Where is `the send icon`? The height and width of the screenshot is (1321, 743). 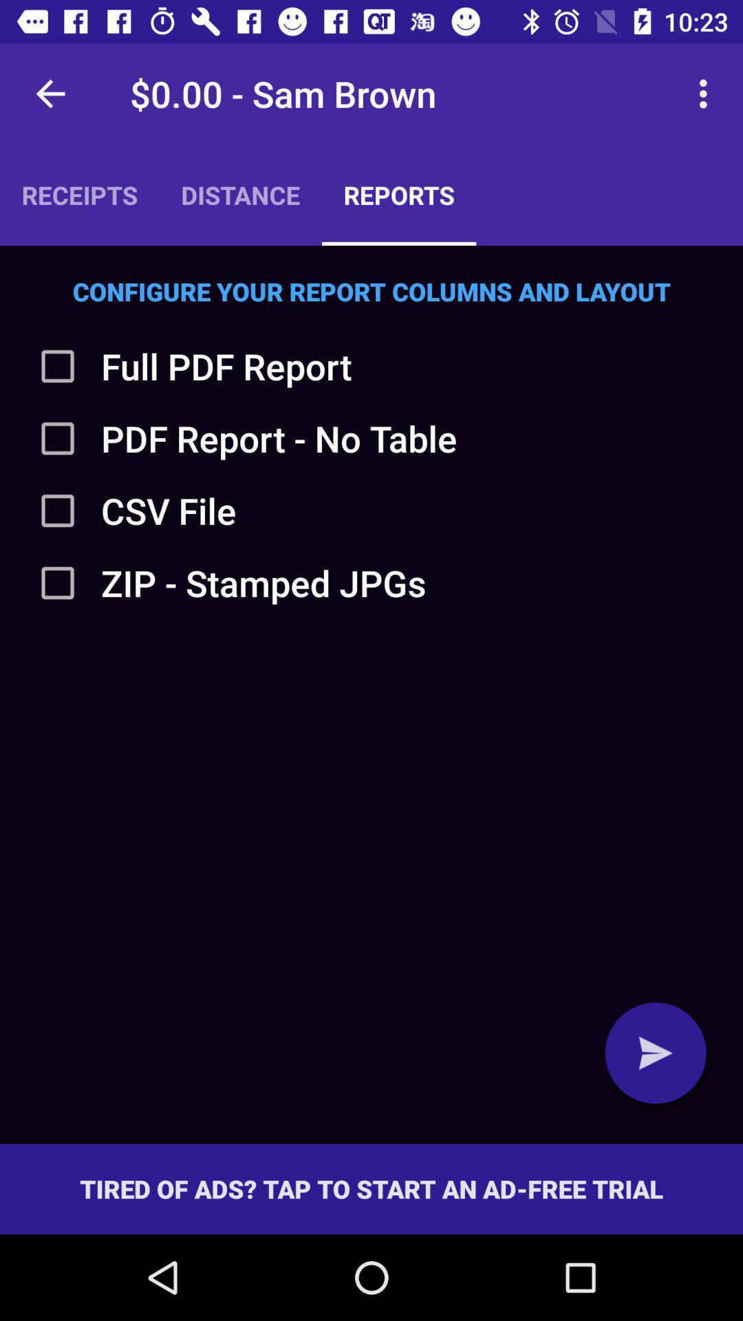 the send icon is located at coordinates (655, 1052).